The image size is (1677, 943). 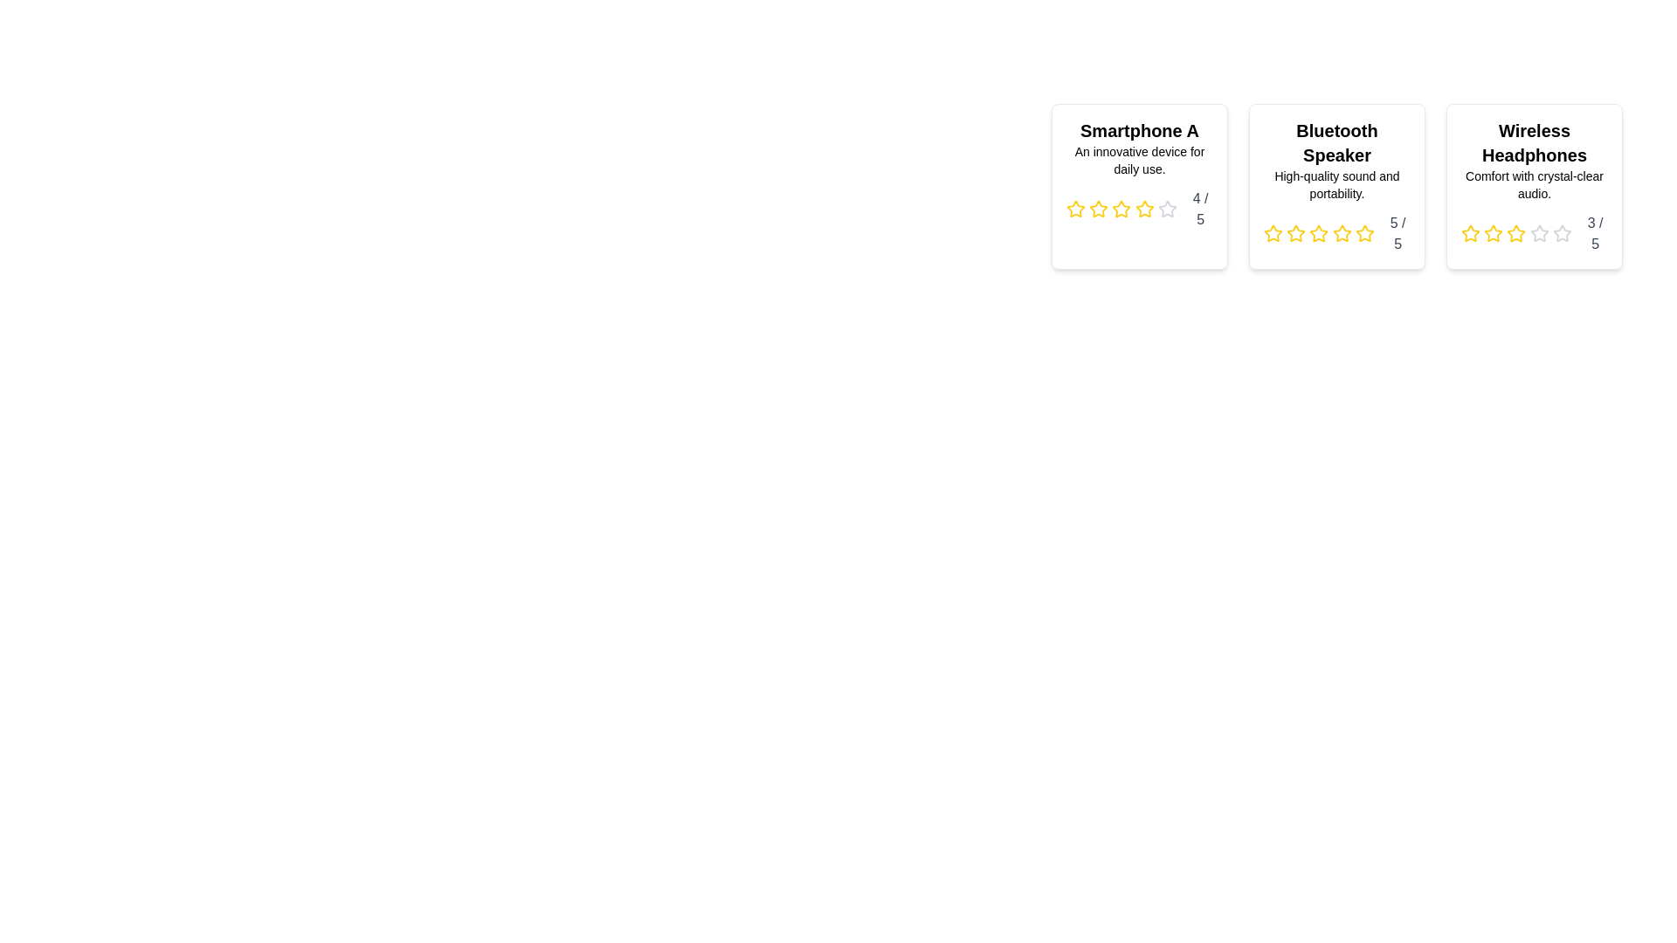 What do you see at coordinates (1097, 208) in the screenshot?
I see `the star icon corresponding to 2 stars in the rating component` at bounding box center [1097, 208].